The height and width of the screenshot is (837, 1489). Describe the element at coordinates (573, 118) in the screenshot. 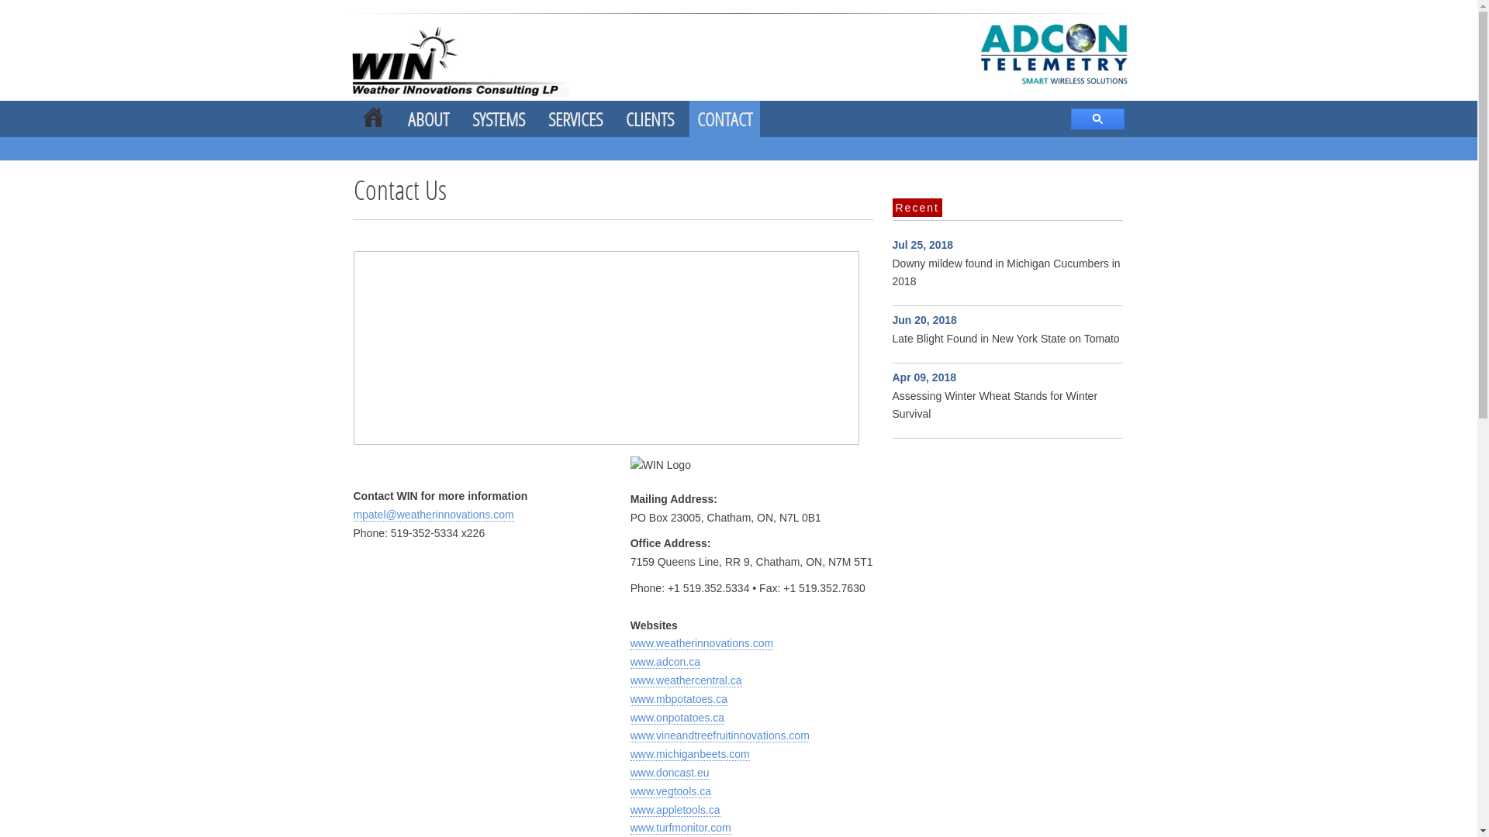

I see `'SERVICES'` at that location.